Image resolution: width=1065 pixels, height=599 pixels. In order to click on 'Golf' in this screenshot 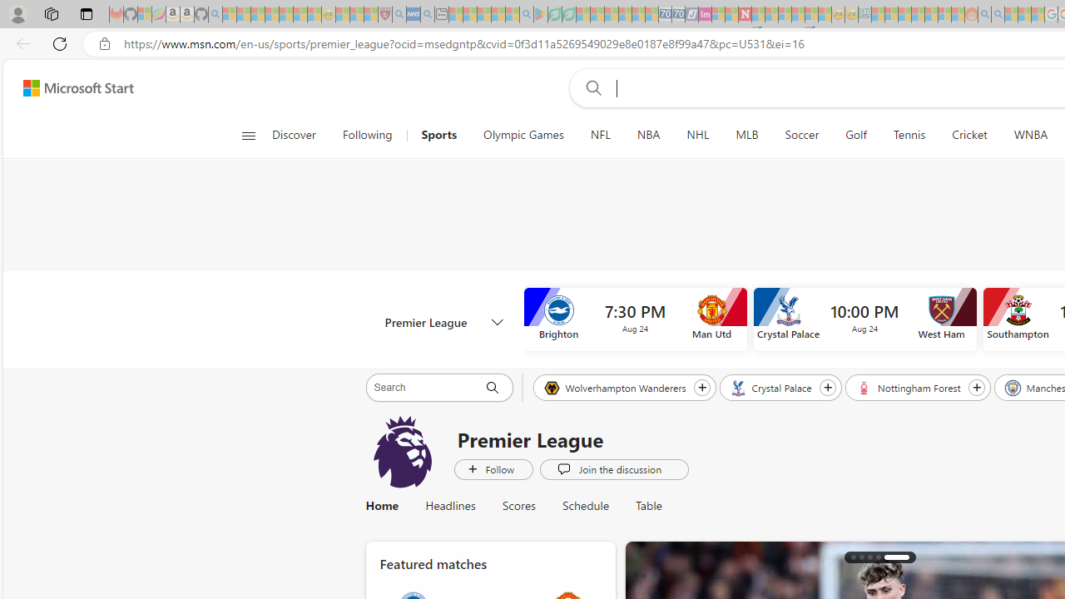, I will do `click(856, 135)`.